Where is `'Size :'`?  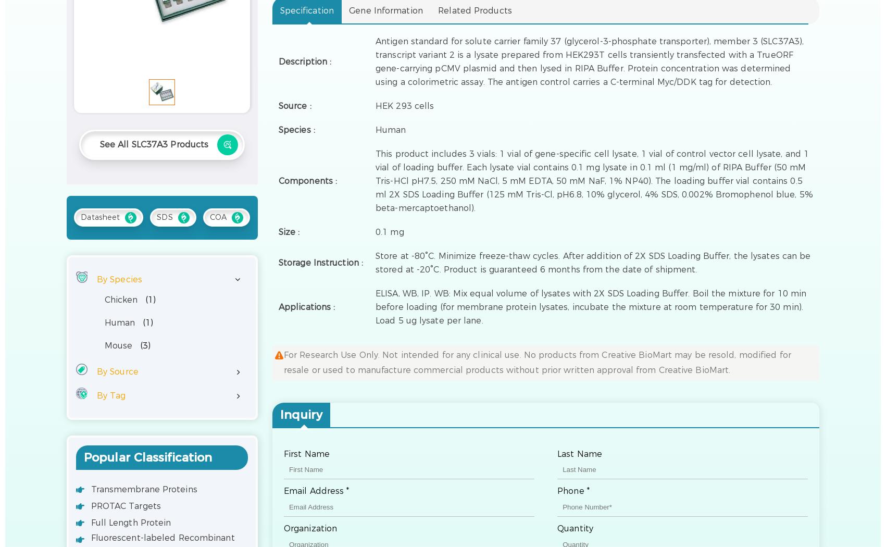 'Size :' is located at coordinates (289, 231).